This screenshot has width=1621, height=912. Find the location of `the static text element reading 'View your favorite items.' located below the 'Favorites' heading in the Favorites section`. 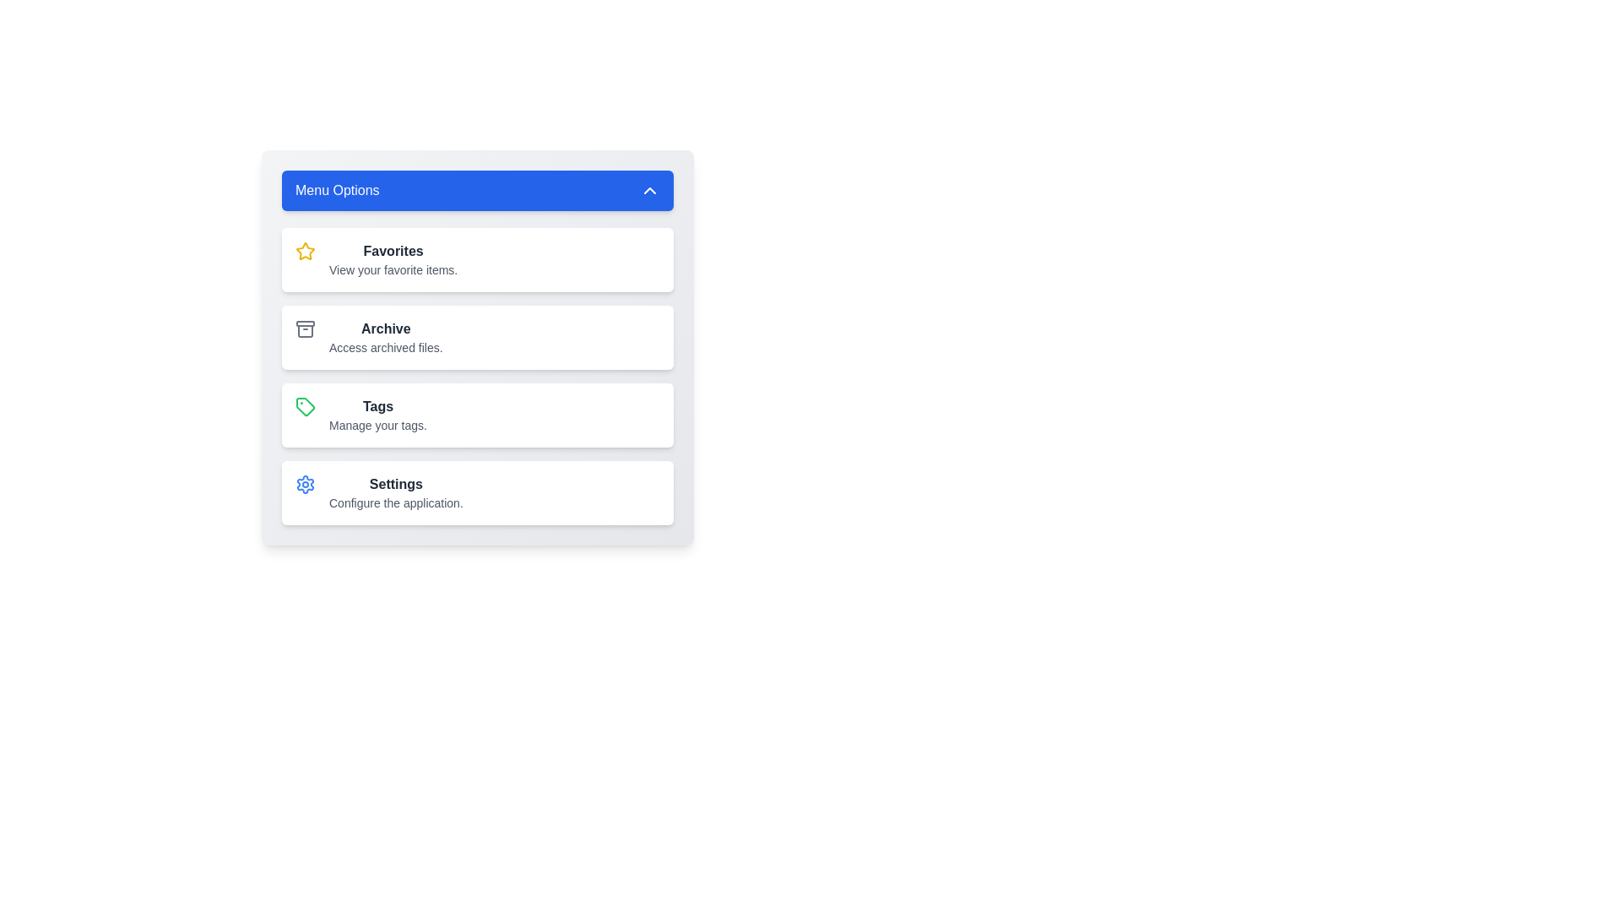

the static text element reading 'View your favorite items.' located below the 'Favorites' heading in the Favorites section is located at coordinates (393, 269).